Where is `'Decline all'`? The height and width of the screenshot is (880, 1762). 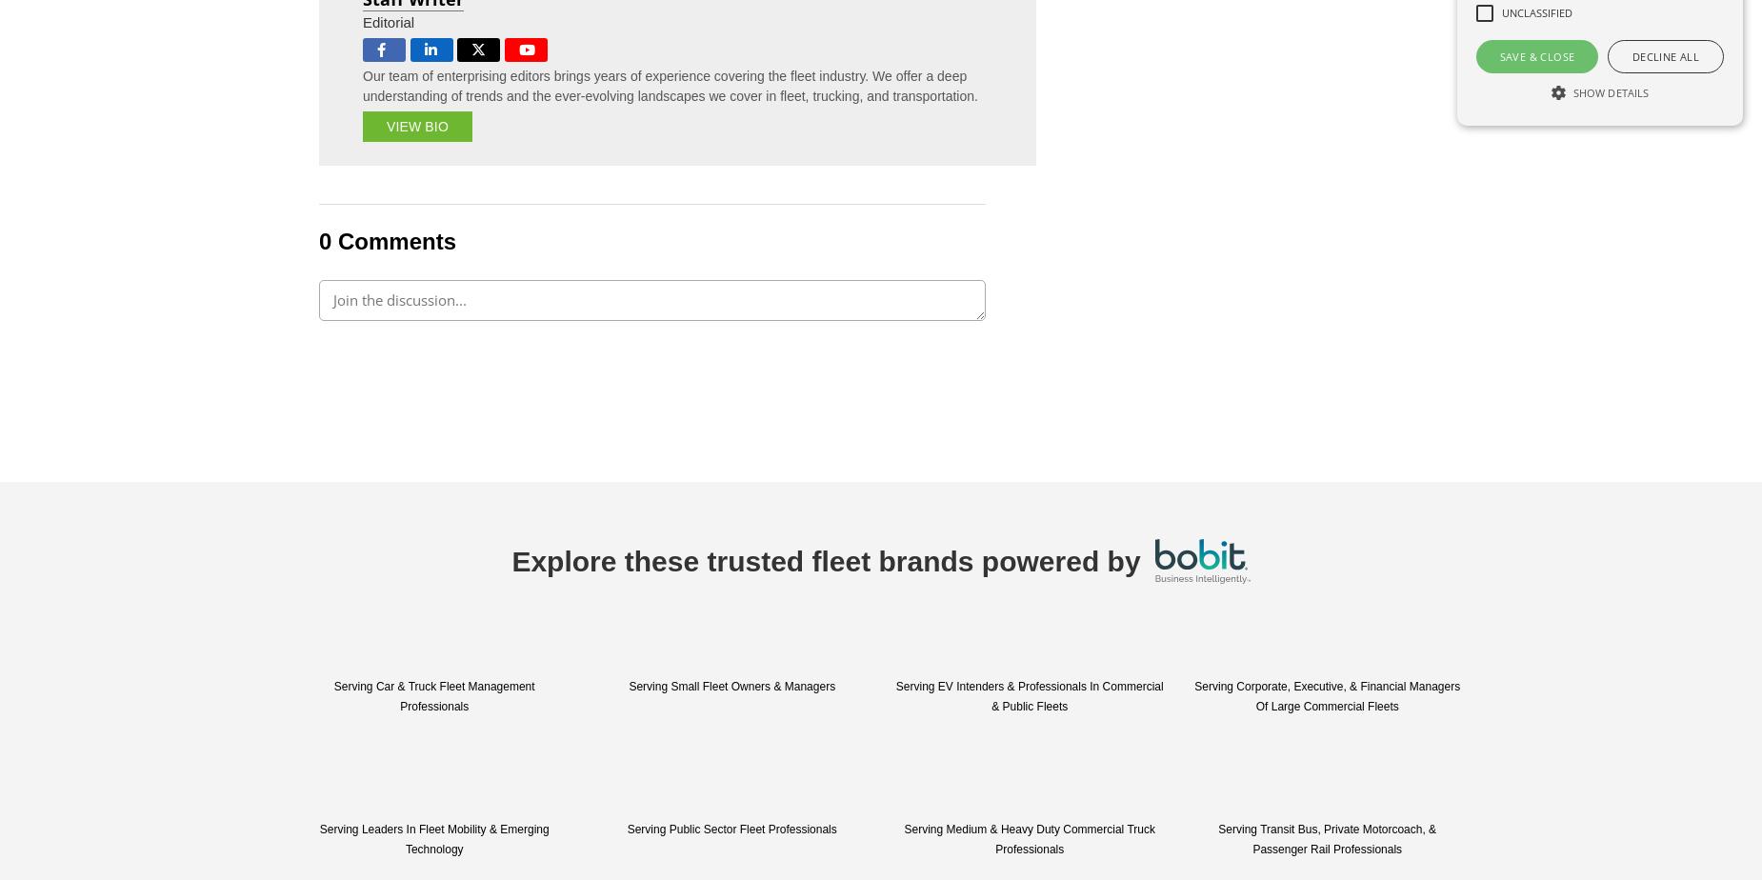 'Decline all' is located at coordinates (1665, 56).